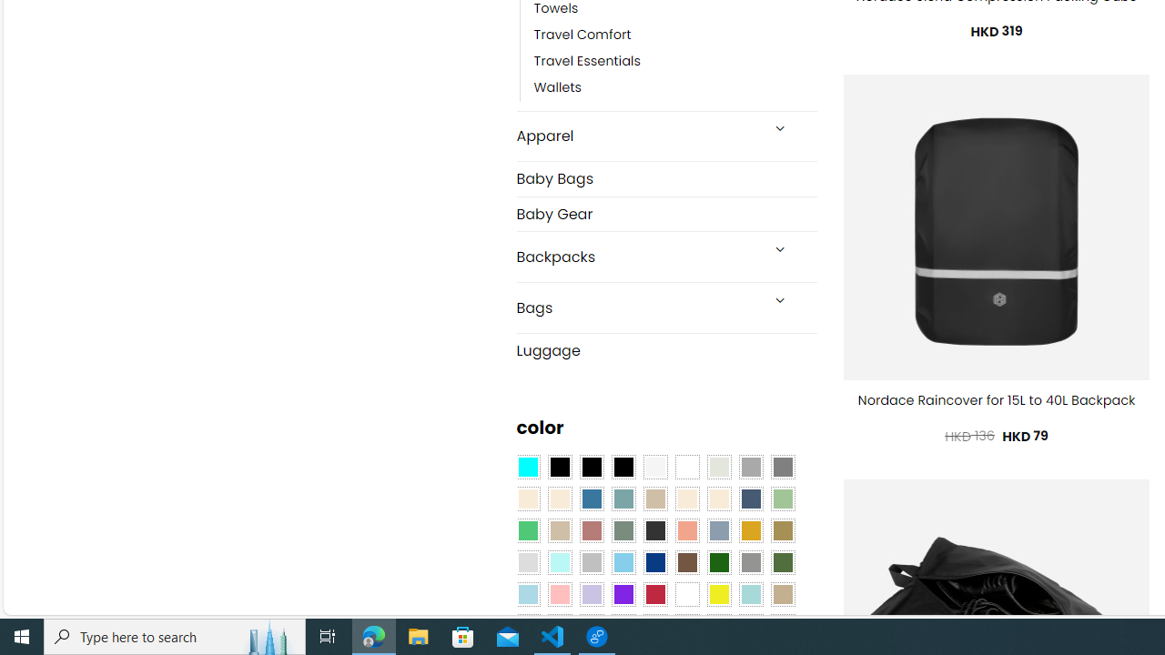 Image resolution: width=1165 pixels, height=655 pixels. Describe the element at coordinates (750, 467) in the screenshot. I see `'Dark Gray'` at that location.